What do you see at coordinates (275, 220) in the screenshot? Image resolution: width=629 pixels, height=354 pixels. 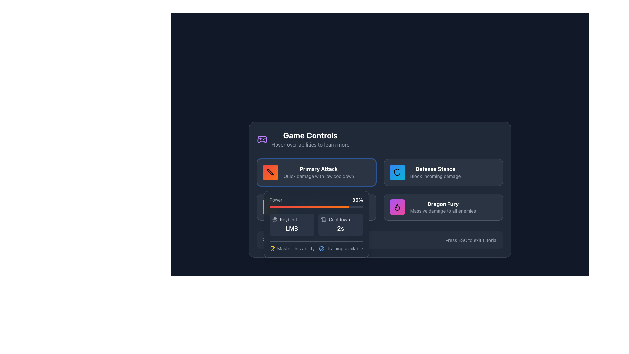 I see `the visual changes of the circular icon composed of three concentric circles, located on the left side of the 'Keybind' panel` at bounding box center [275, 220].